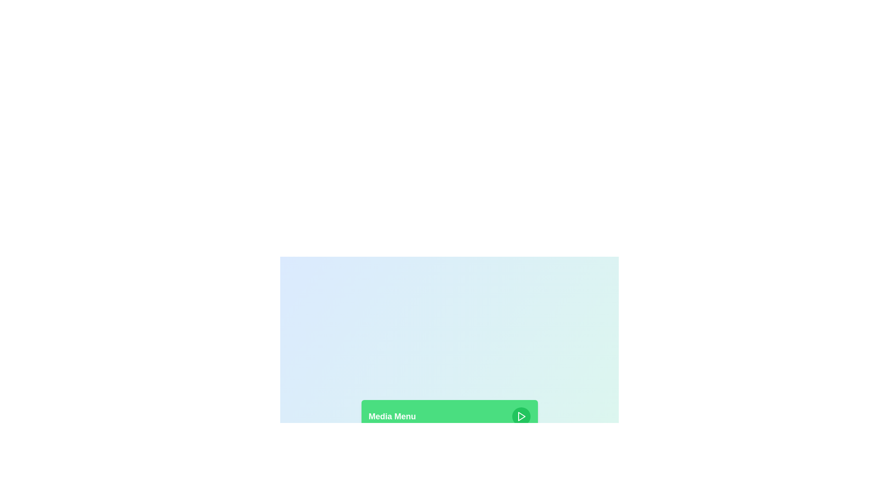 The width and height of the screenshot is (882, 496). What do you see at coordinates (449, 492) in the screenshot?
I see `the category Music from the media options` at bounding box center [449, 492].